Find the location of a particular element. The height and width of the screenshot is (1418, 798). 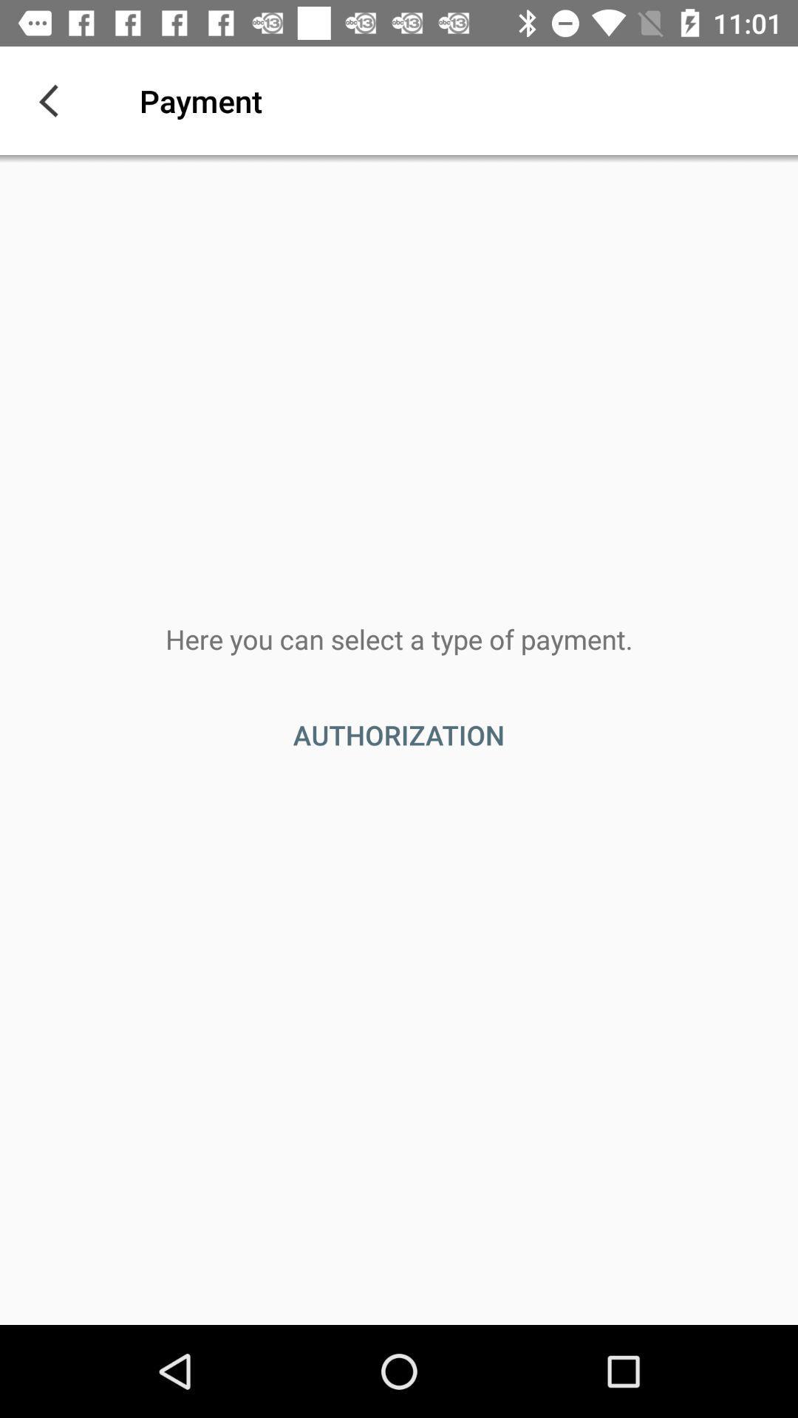

the icon to the left of payment is located at coordinates (53, 100).